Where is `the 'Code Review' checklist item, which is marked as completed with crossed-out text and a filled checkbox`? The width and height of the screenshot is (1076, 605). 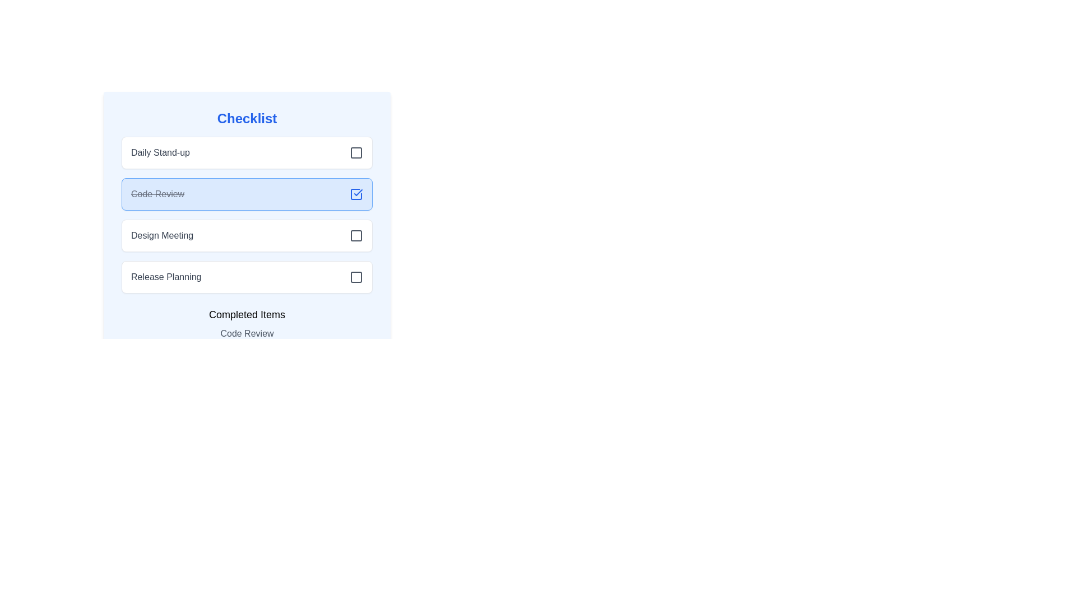
the 'Code Review' checklist item, which is marked as completed with crossed-out text and a filled checkbox is located at coordinates (247, 208).